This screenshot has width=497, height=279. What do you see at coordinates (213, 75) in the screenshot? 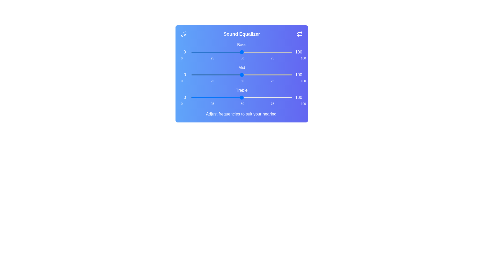
I see `the 'mid' slider to 22` at bounding box center [213, 75].